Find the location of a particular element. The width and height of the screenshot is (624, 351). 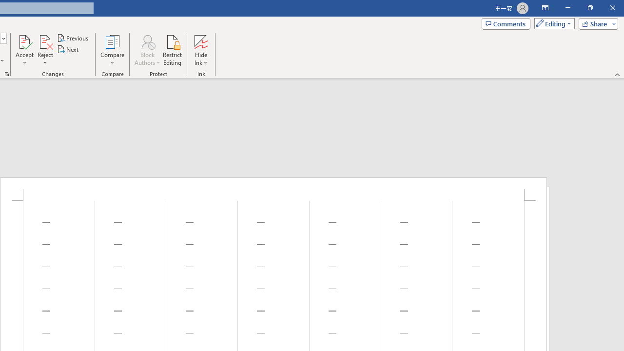

'Block Authors' is located at coordinates (147, 41).